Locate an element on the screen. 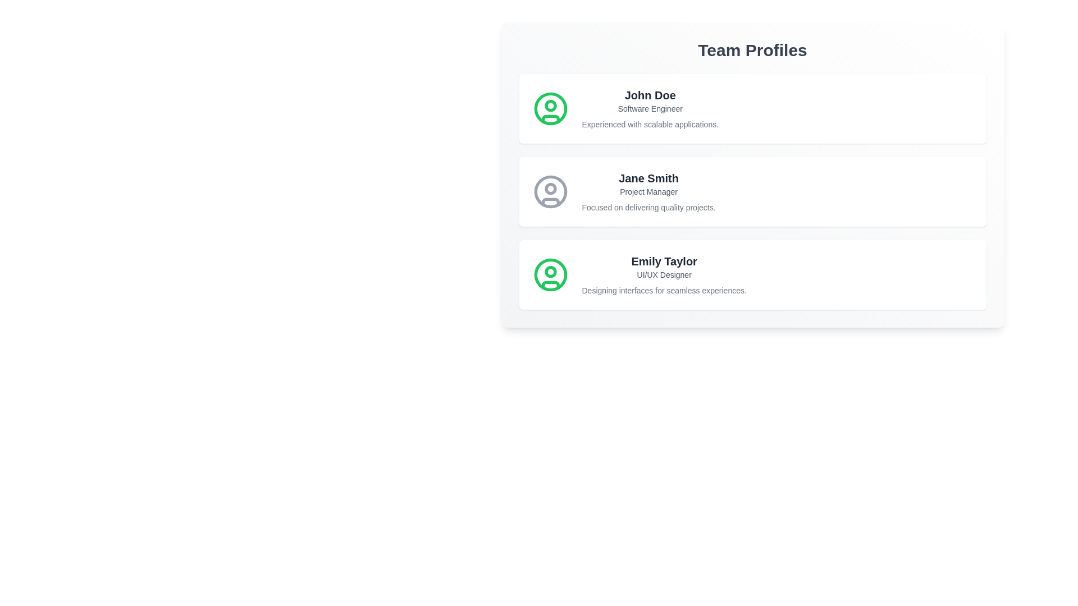  the profile card of Jane Smith is located at coordinates (752, 191).